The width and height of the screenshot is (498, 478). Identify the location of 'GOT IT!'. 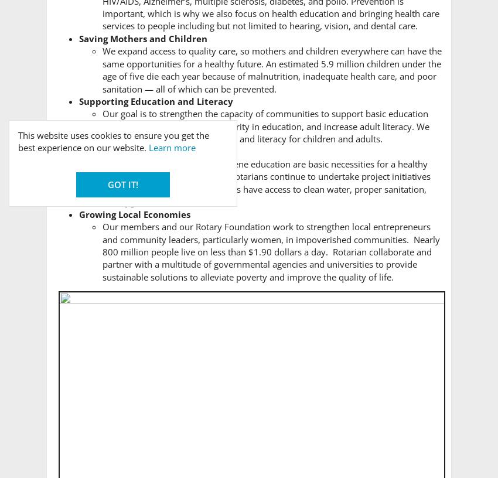
(122, 183).